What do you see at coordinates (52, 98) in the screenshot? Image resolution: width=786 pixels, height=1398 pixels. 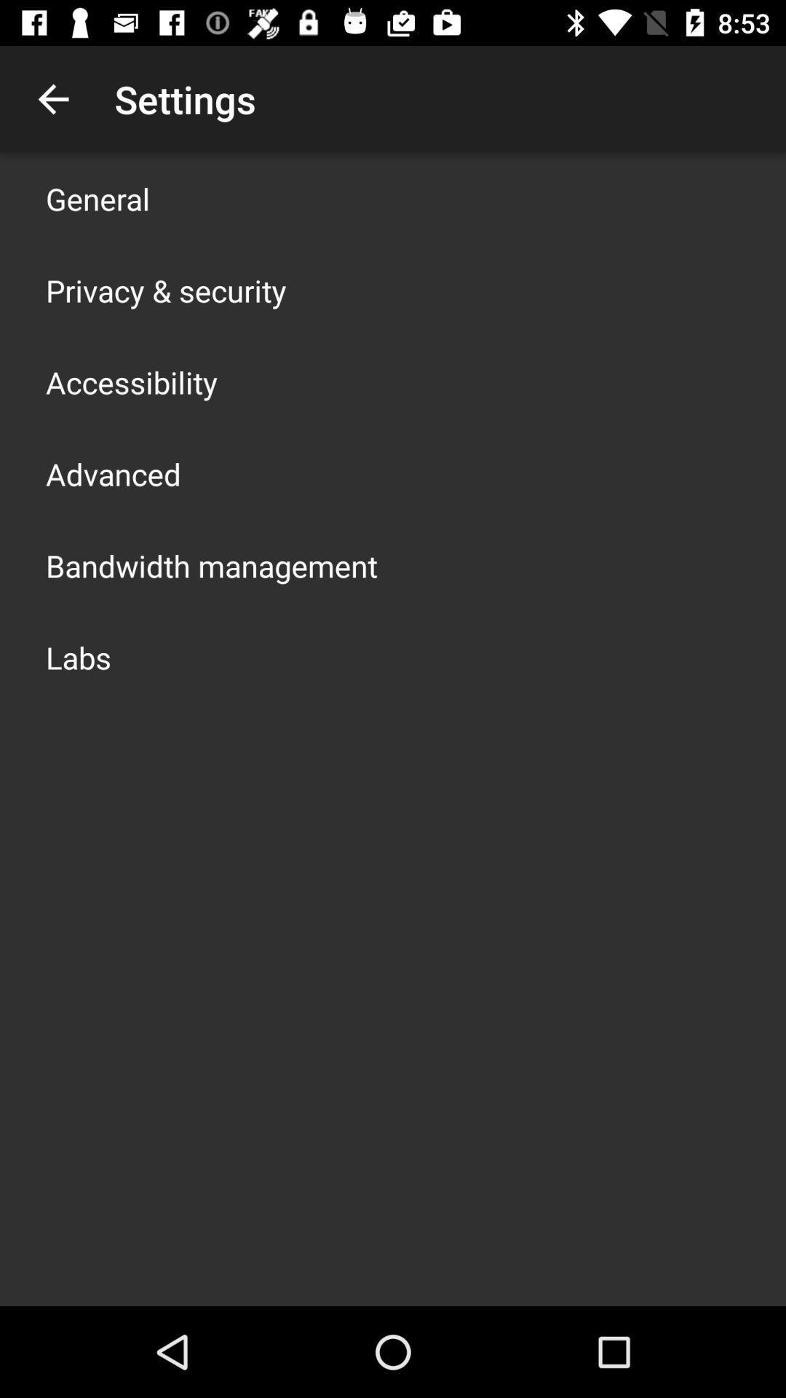 I see `item to the left of the settings icon` at bounding box center [52, 98].